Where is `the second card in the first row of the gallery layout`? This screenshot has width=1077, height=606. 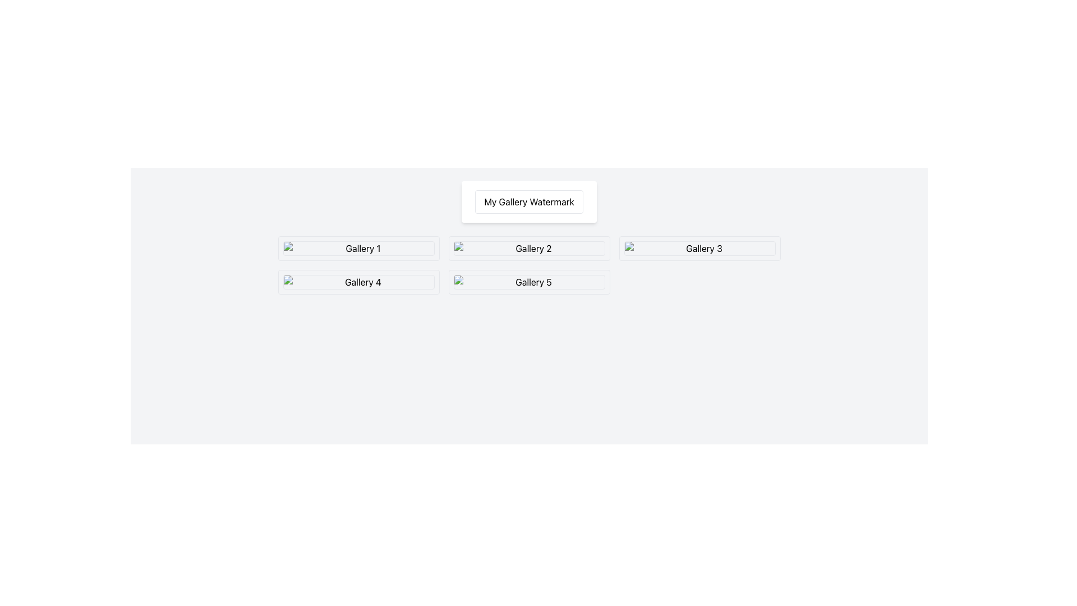
the second card in the first row of the gallery layout is located at coordinates (528, 248).